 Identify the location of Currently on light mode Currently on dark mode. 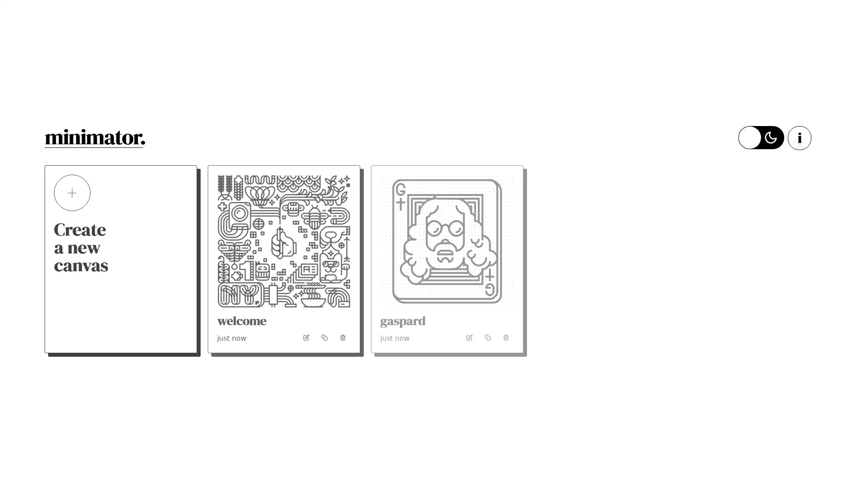
(761, 137).